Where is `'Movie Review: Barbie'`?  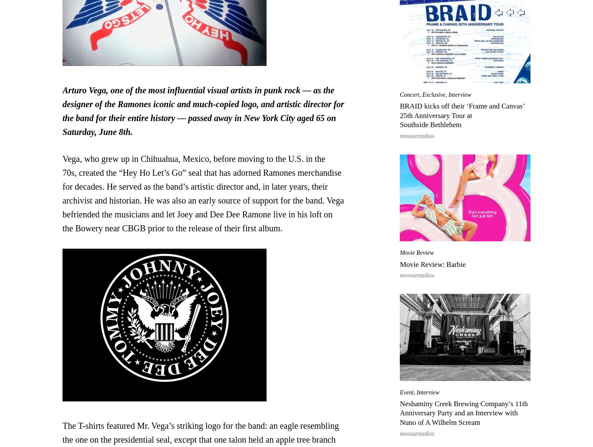 'Movie Review: Barbie' is located at coordinates (432, 263).